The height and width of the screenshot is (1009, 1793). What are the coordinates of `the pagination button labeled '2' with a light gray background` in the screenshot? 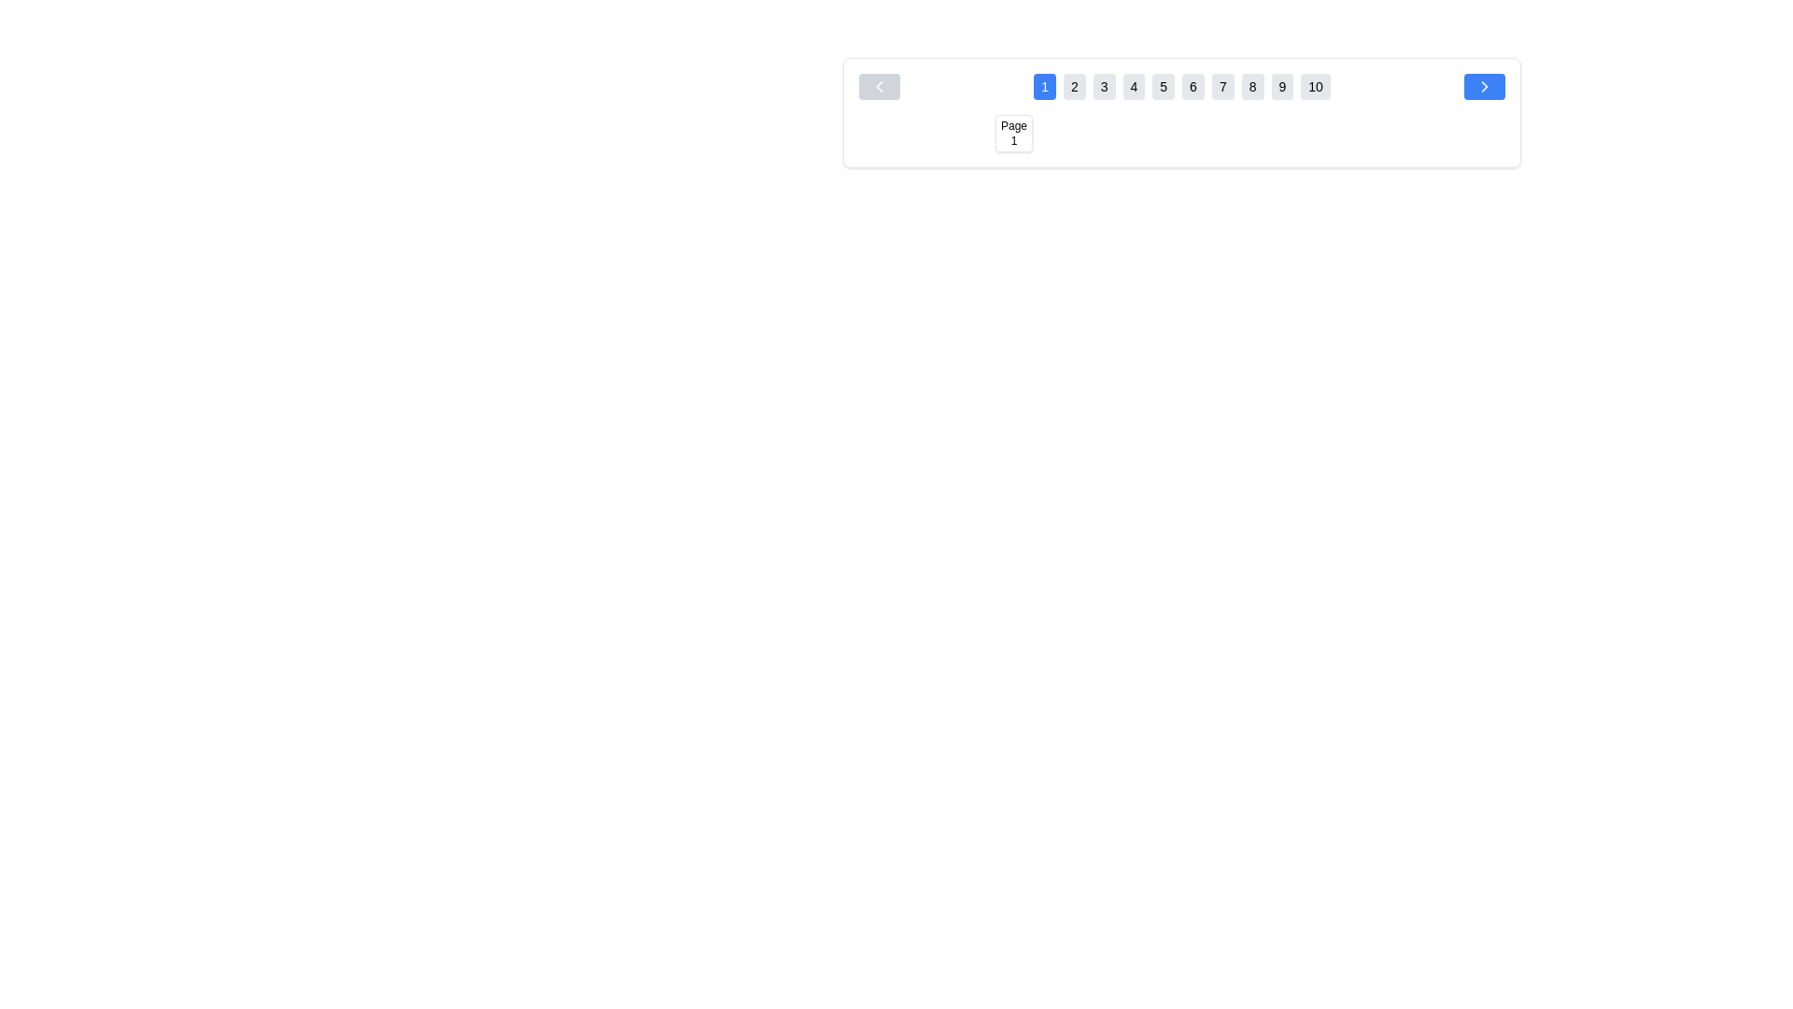 It's located at (1074, 86).